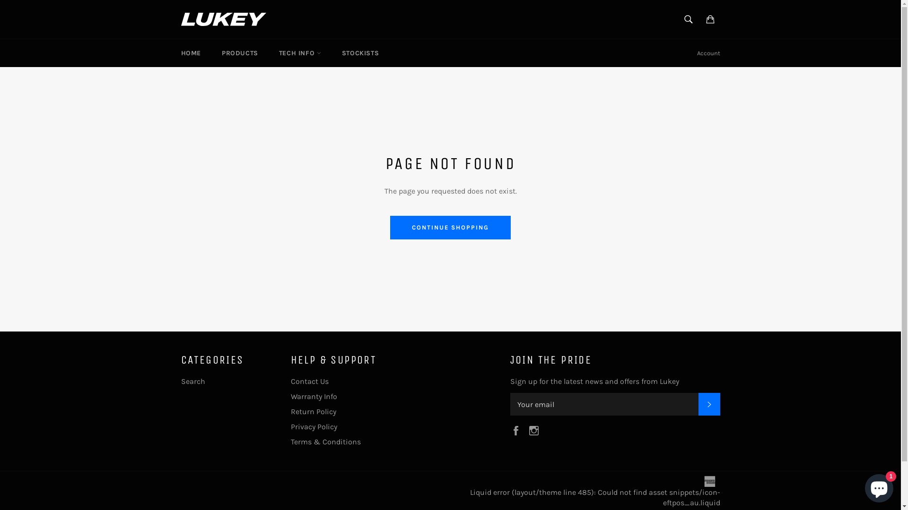 The image size is (908, 510). What do you see at coordinates (313, 411) in the screenshot?
I see `'Return Policy'` at bounding box center [313, 411].